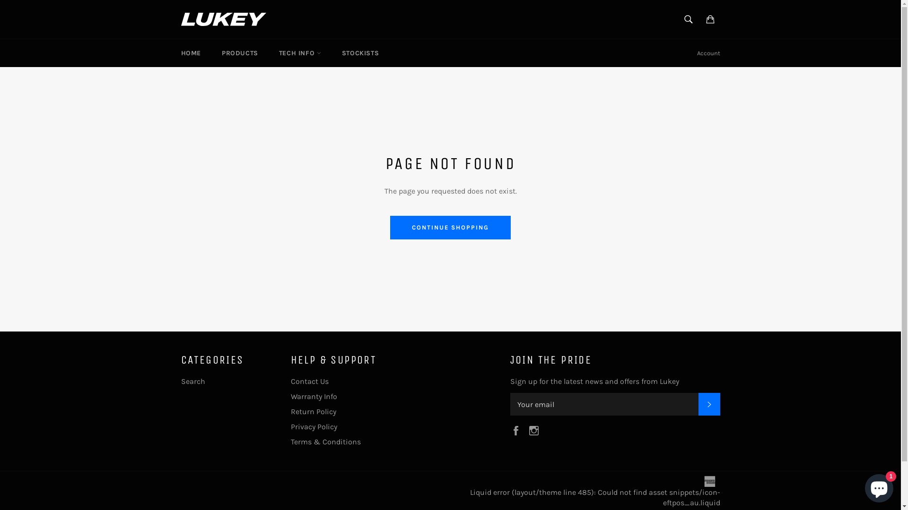 The image size is (908, 510). What do you see at coordinates (313, 411) in the screenshot?
I see `'Return Policy'` at bounding box center [313, 411].